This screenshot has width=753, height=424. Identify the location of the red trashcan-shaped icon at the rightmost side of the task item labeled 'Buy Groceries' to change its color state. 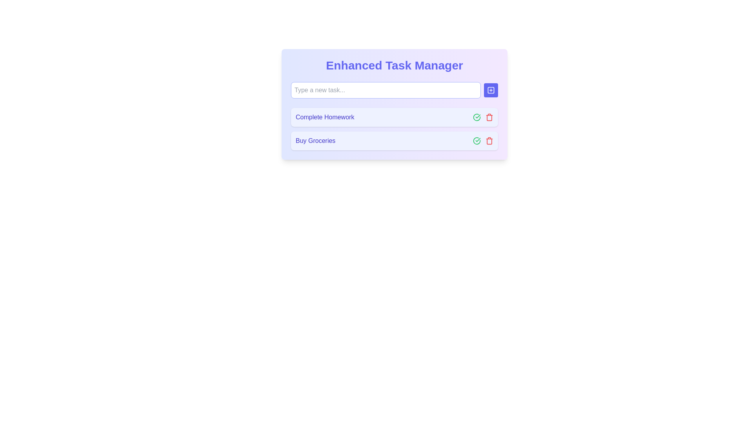
(489, 140).